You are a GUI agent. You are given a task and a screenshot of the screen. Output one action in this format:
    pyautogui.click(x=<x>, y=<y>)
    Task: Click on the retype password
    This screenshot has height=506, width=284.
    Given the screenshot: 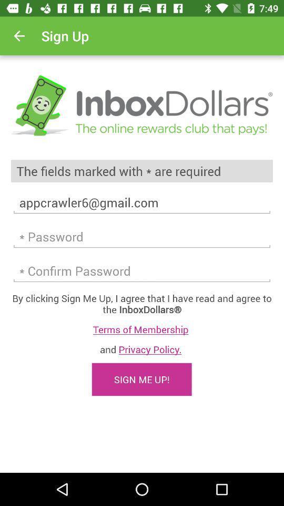 What is the action you would take?
    pyautogui.click(x=142, y=270)
    